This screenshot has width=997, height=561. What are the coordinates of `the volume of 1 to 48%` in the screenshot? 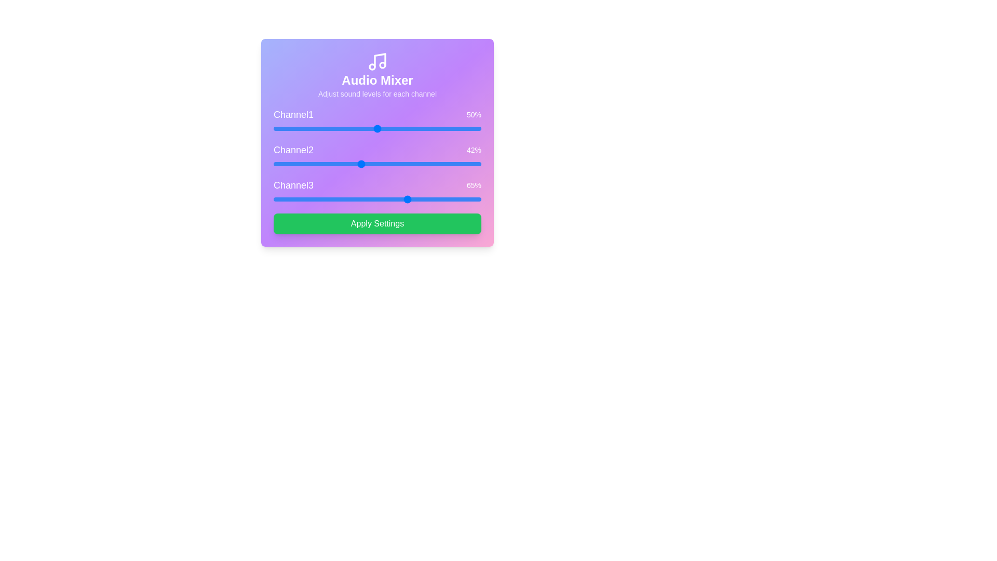 It's located at (373, 128).